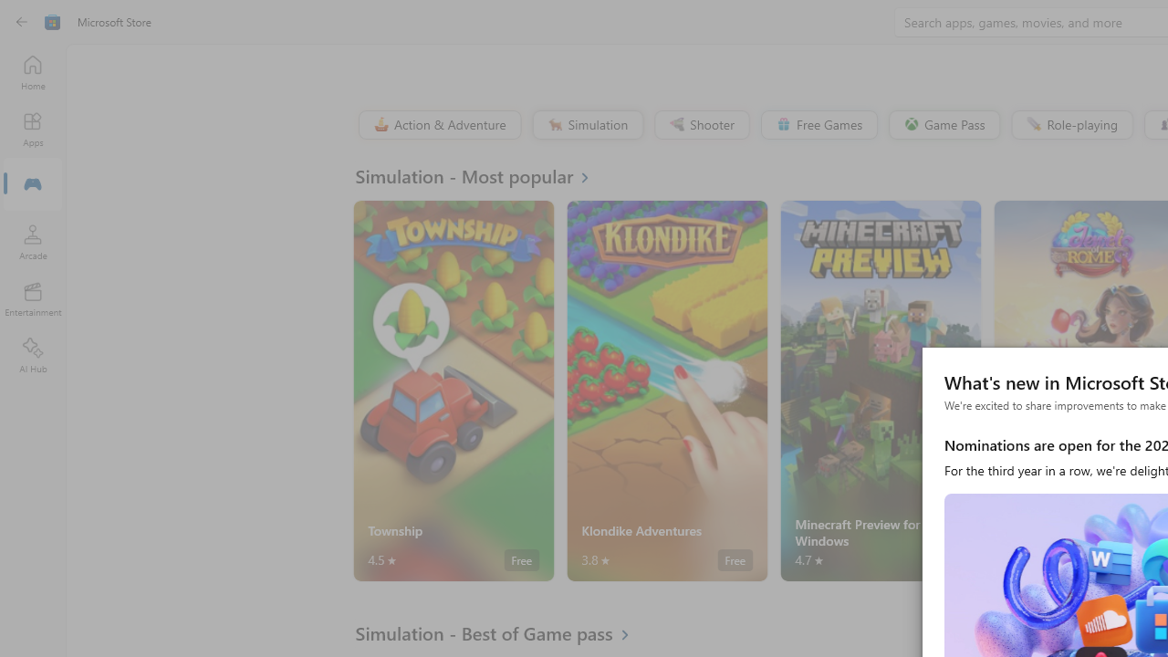  Describe the element at coordinates (483, 175) in the screenshot. I see `'See all  Simulation - Most popular'` at that location.